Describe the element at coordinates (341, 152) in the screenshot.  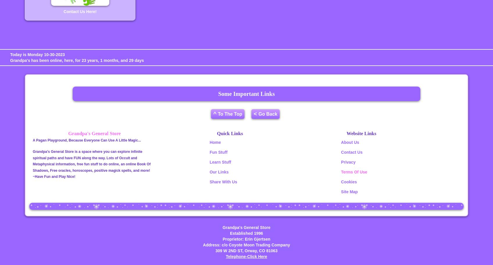
I see `'Contact Us'` at that location.